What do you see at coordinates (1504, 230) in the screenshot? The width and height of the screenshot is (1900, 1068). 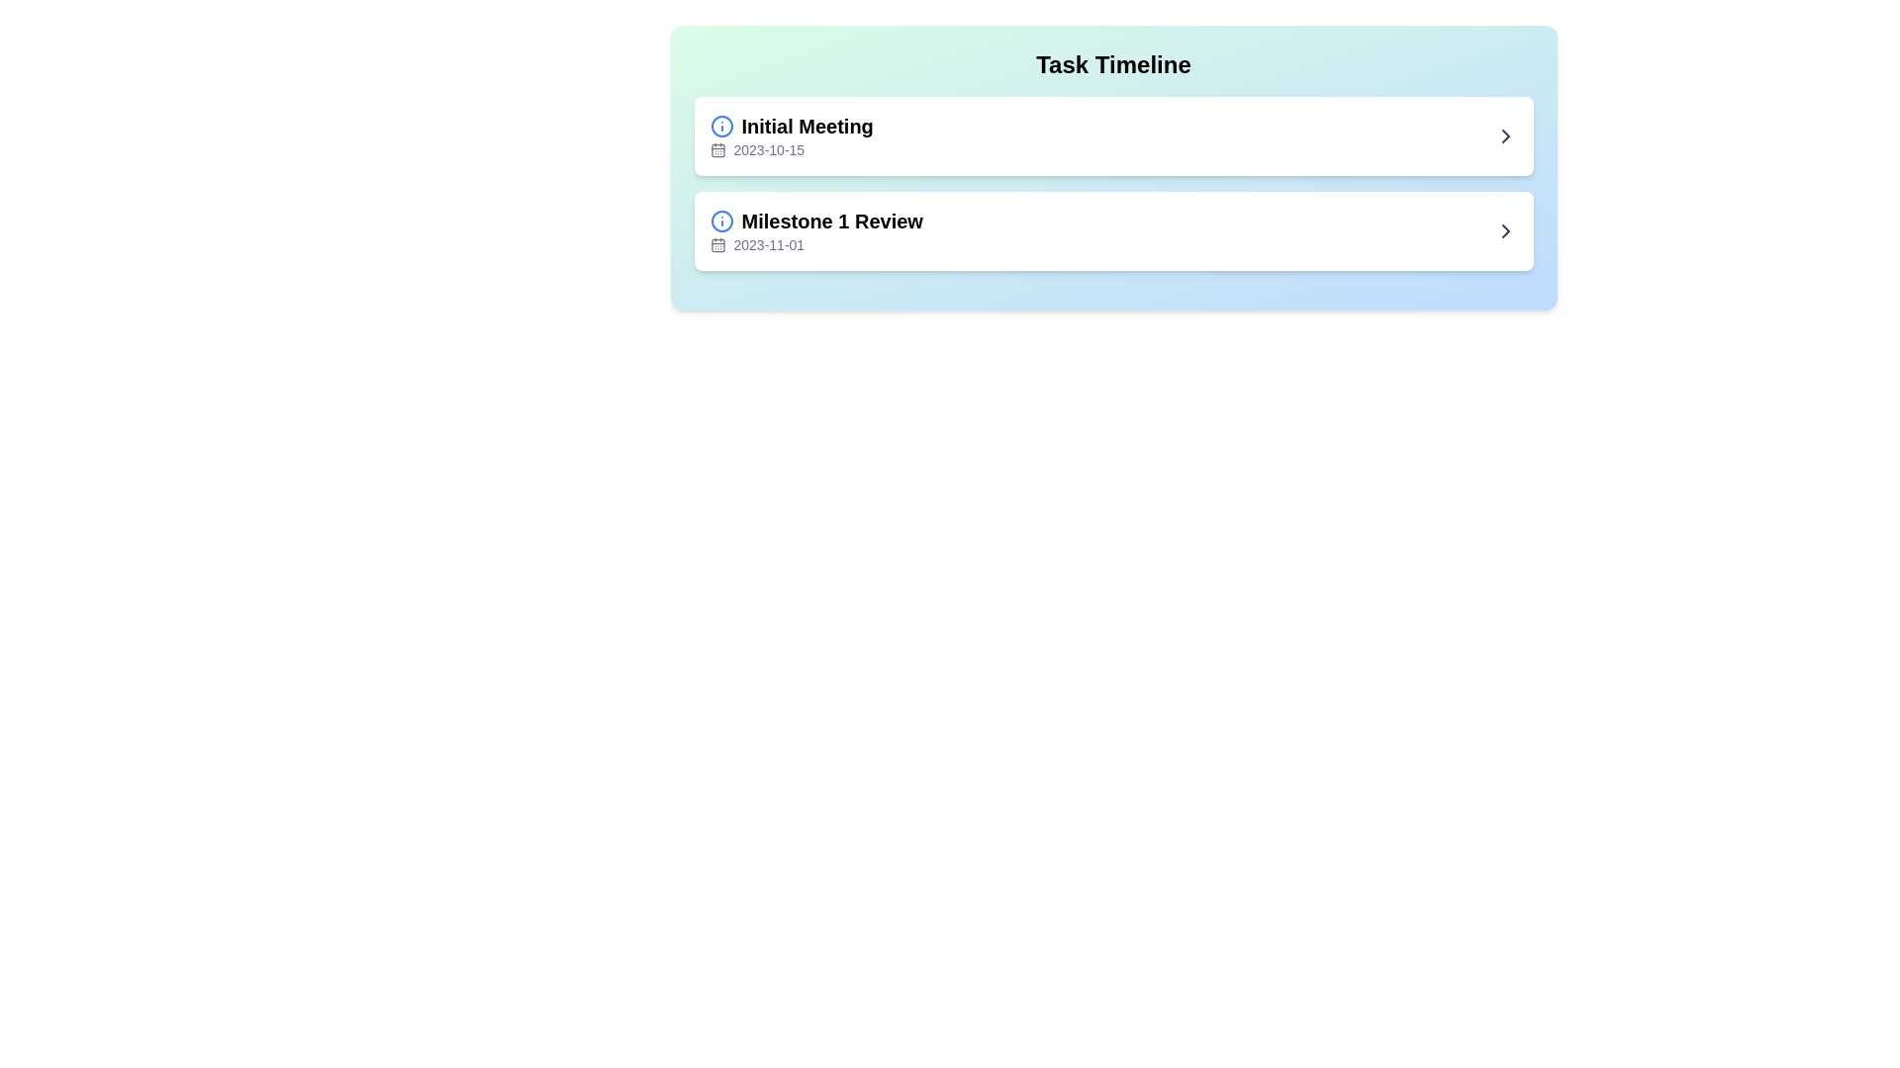 I see `the Navigation Icon located at the rightmost position of the second row in the list, which is associated with 'Milestone 1 Review'` at bounding box center [1504, 230].